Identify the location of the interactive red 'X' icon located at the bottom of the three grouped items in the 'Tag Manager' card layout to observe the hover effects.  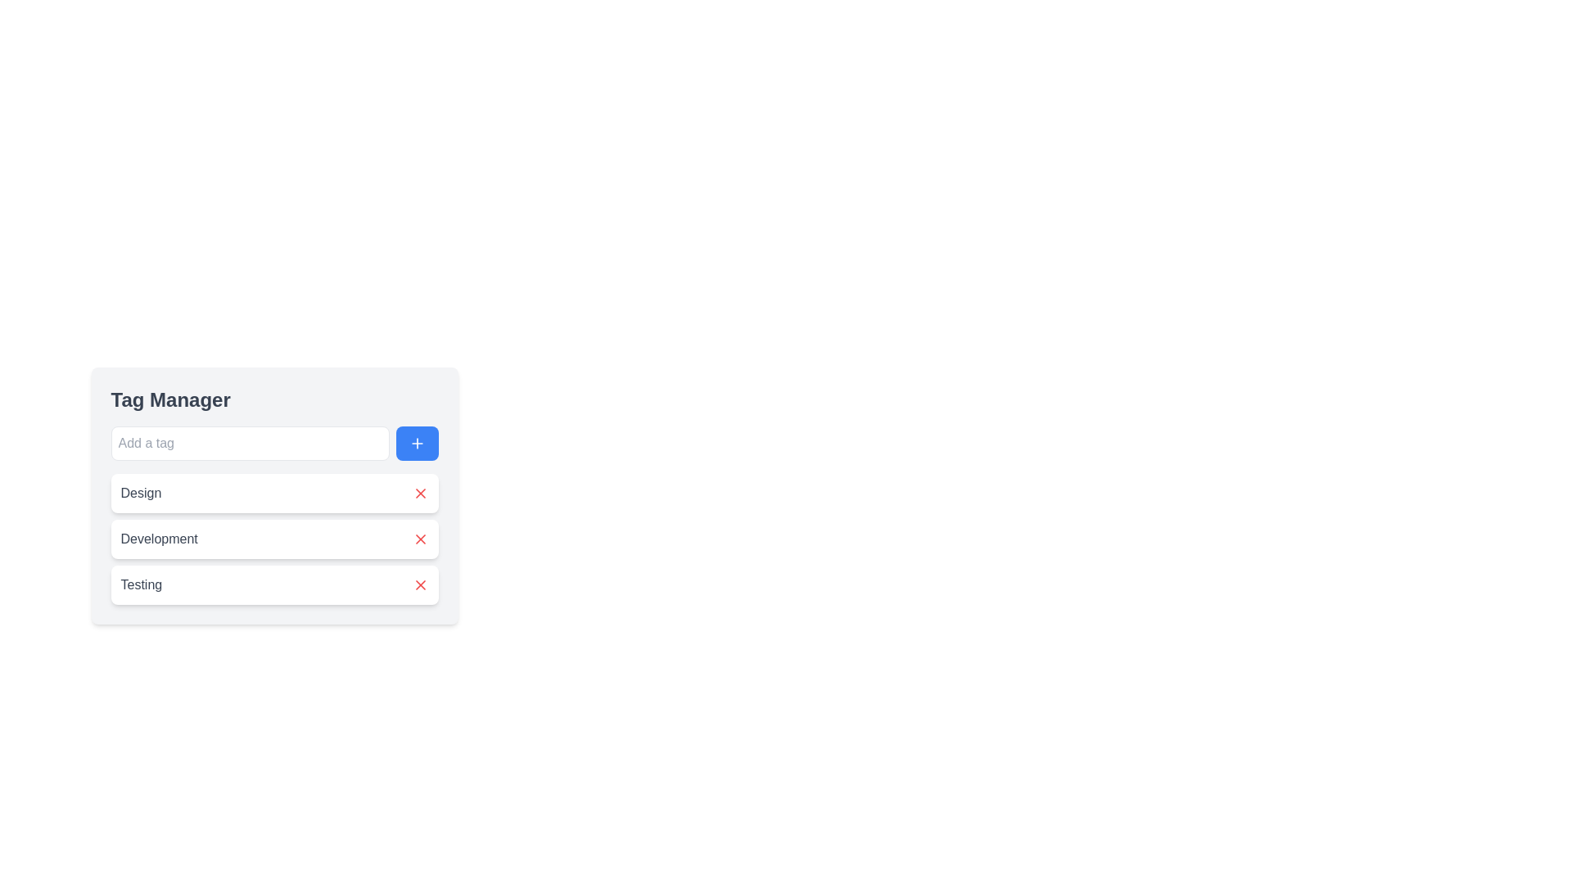
(420, 584).